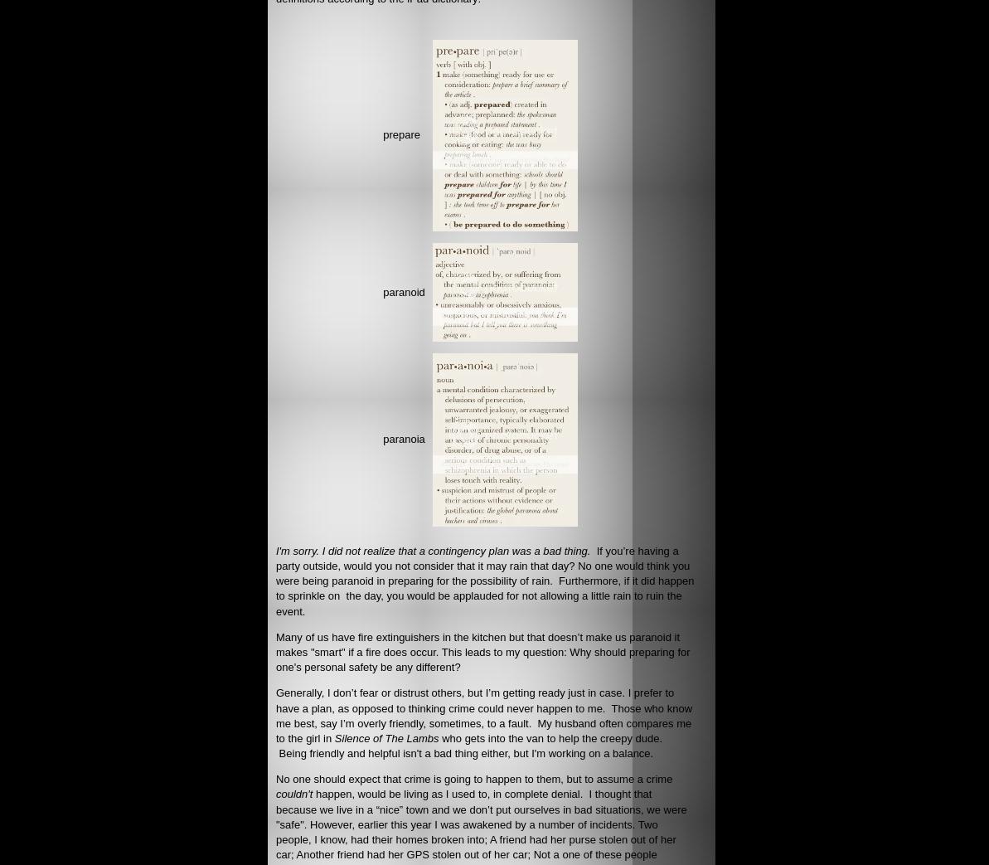 This screenshot has width=989, height=865. Describe the element at coordinates (294, 793) in the screenshot. I see `'couldn't'` at that location.